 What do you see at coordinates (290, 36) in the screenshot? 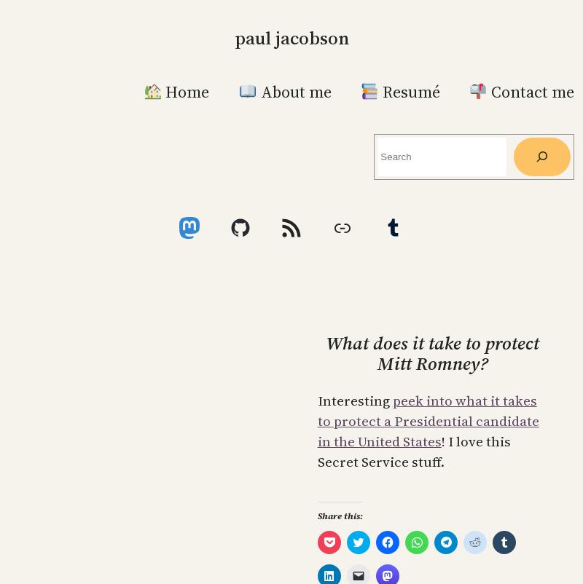
I see `'Paul Jacobson'` at bounding box center [290, 36].